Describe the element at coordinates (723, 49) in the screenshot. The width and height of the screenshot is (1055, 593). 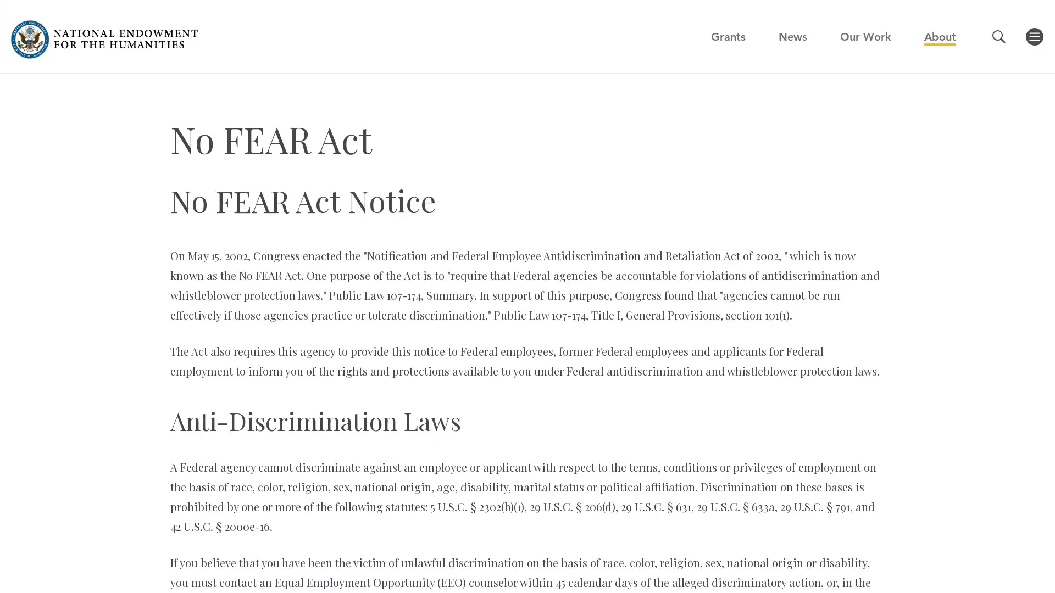
I see `GO` at that location.